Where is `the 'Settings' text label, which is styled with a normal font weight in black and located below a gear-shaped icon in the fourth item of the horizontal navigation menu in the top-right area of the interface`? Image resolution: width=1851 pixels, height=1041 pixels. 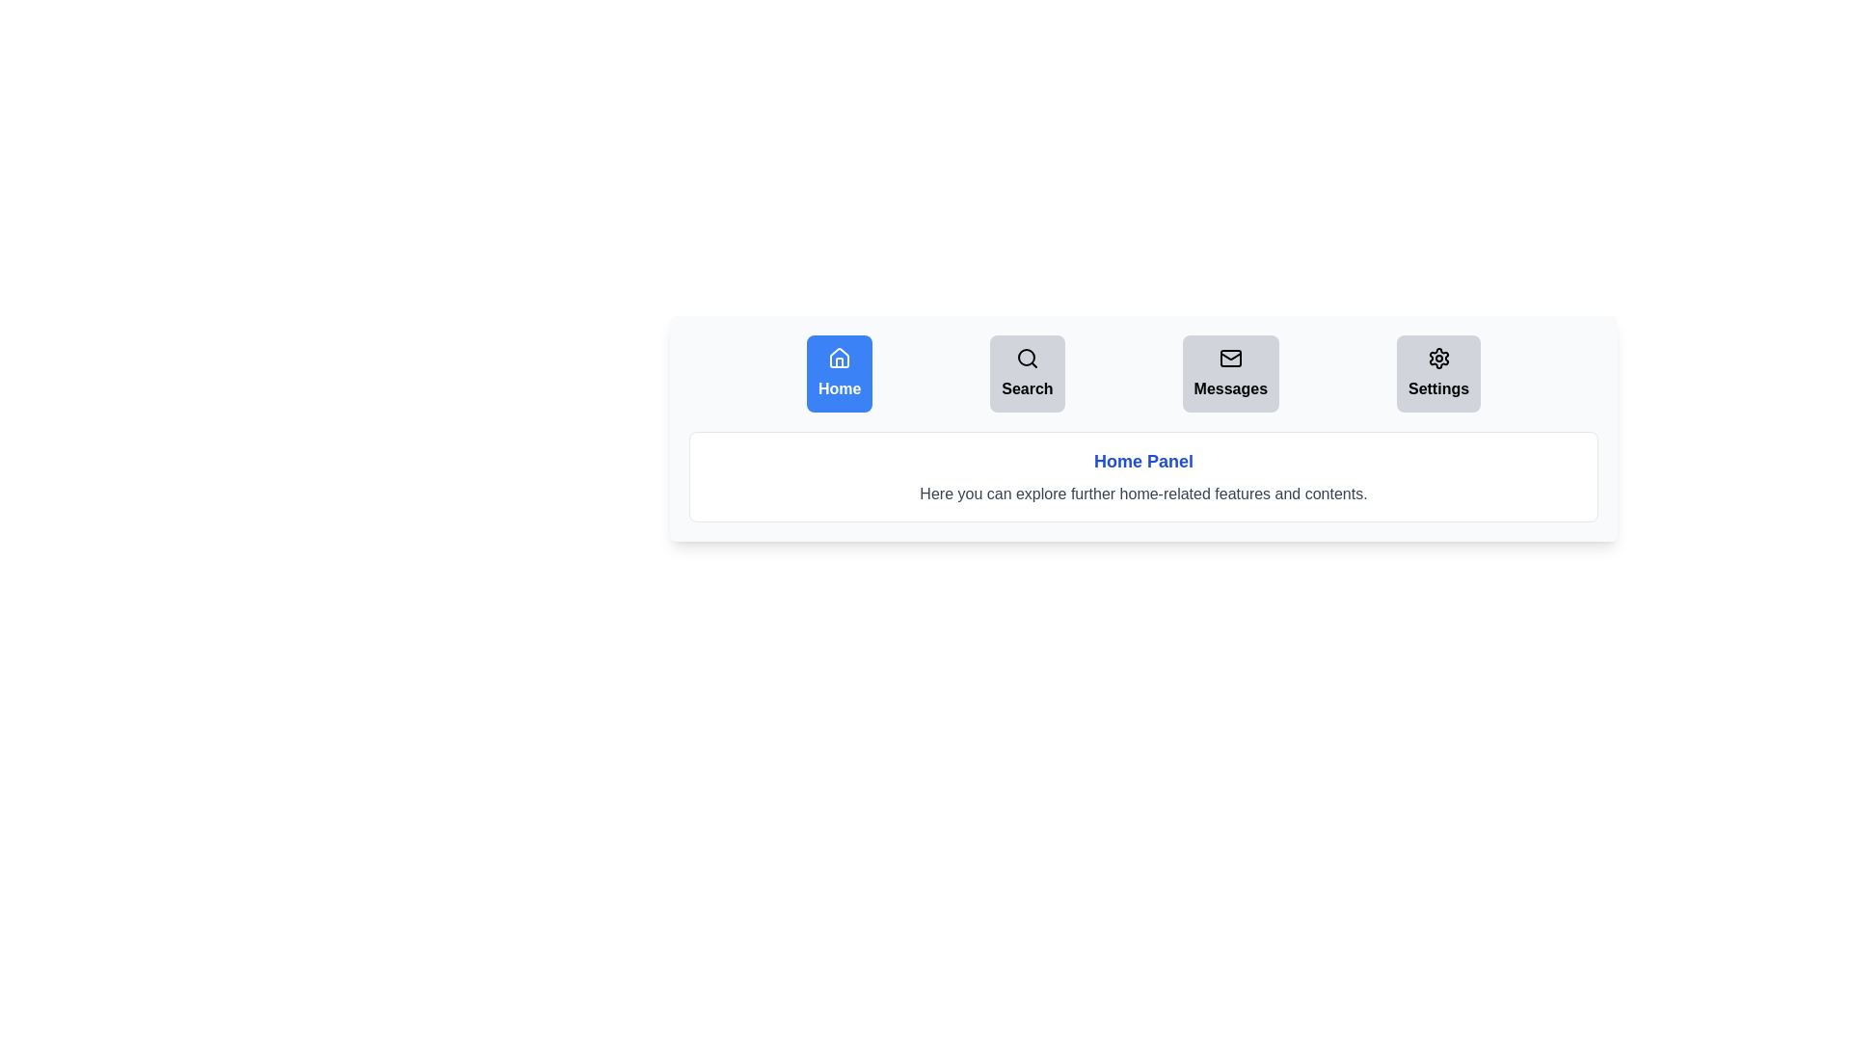 the 'Settings' text label, which is styled with a normal font weight in black and located below a gear-shaped icon in the fourth item of the horizontal navigation menu in the top-right area of the interface is located at coordinates (1438, 389).